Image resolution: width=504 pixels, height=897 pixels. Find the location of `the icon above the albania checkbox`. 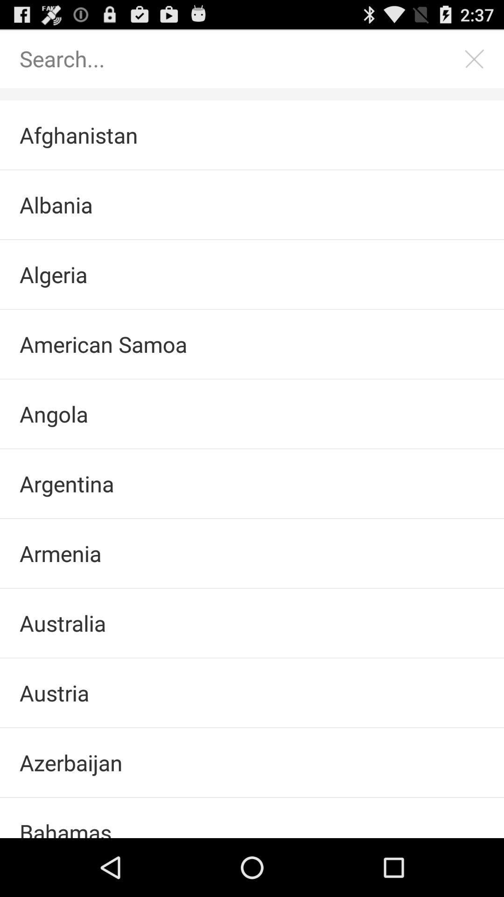

the icon above the albania checkbox is located at coordinates (252, 135).